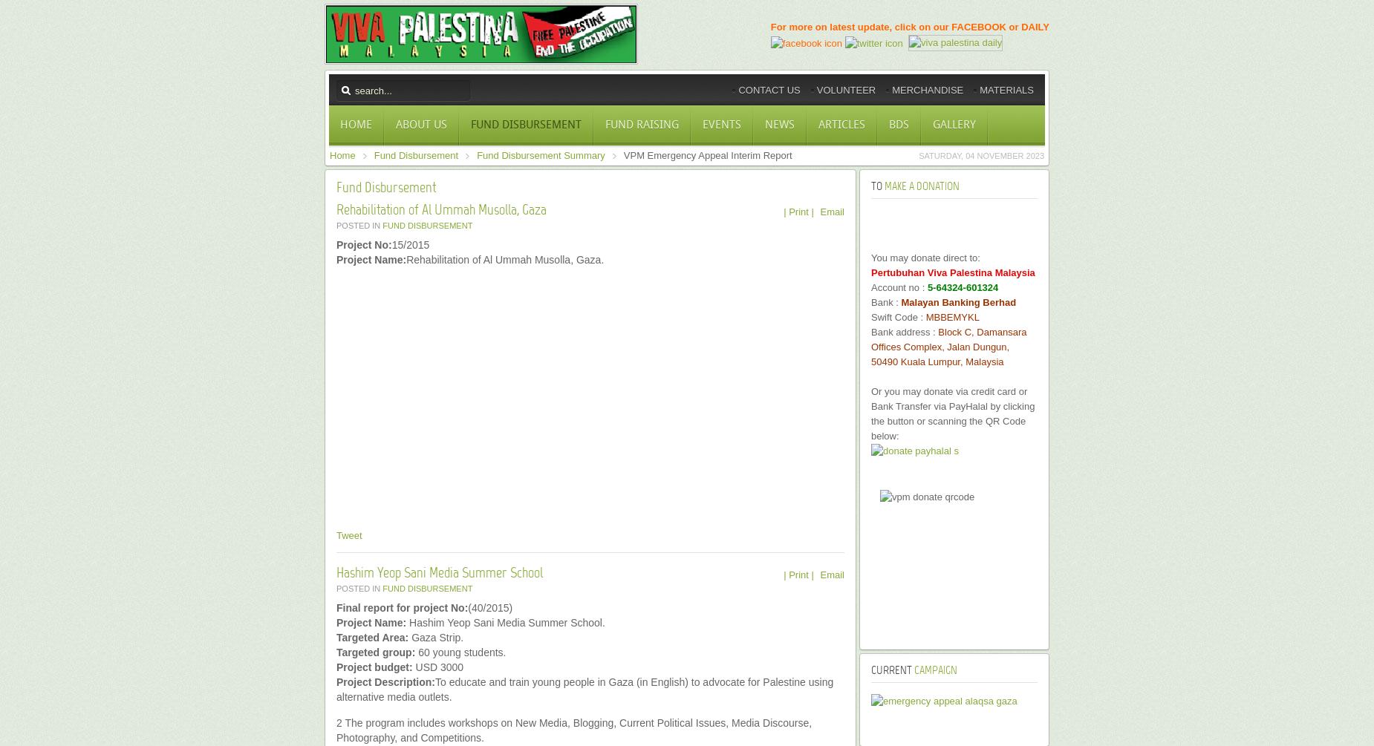 The height and width of the screenshot is (746, 1374). Describe the element at coordinates (951, 317) in the screenshot. I see `'MBBEMYKL'` at that location.